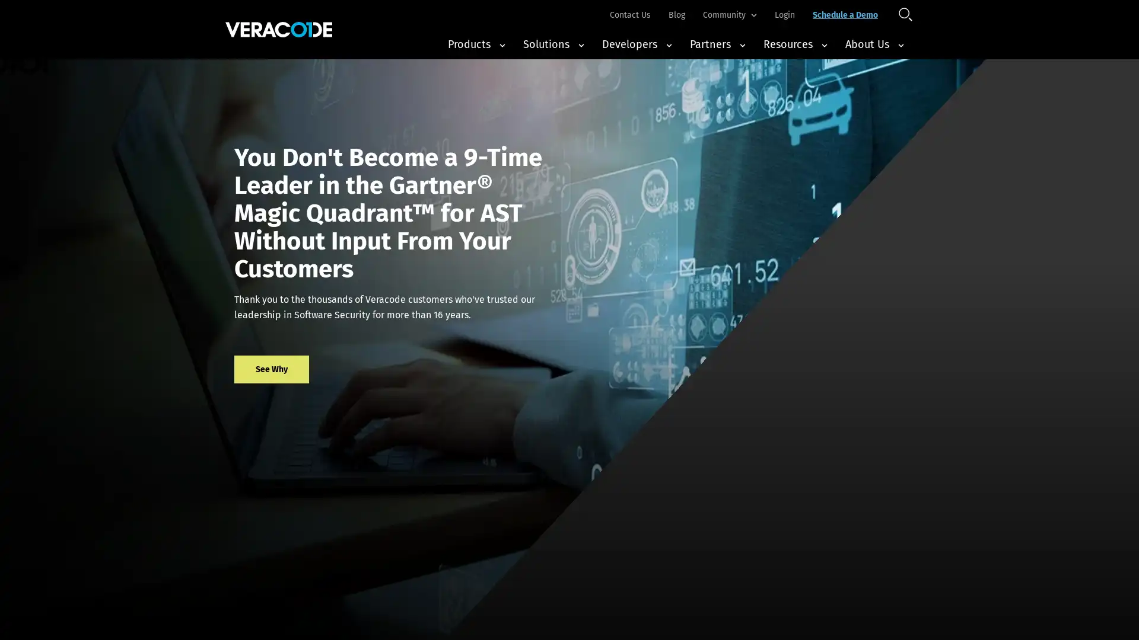 The width and height of the screenshot is (1139, 640). I want to click on Accept All Cookies, so click(873, 595).